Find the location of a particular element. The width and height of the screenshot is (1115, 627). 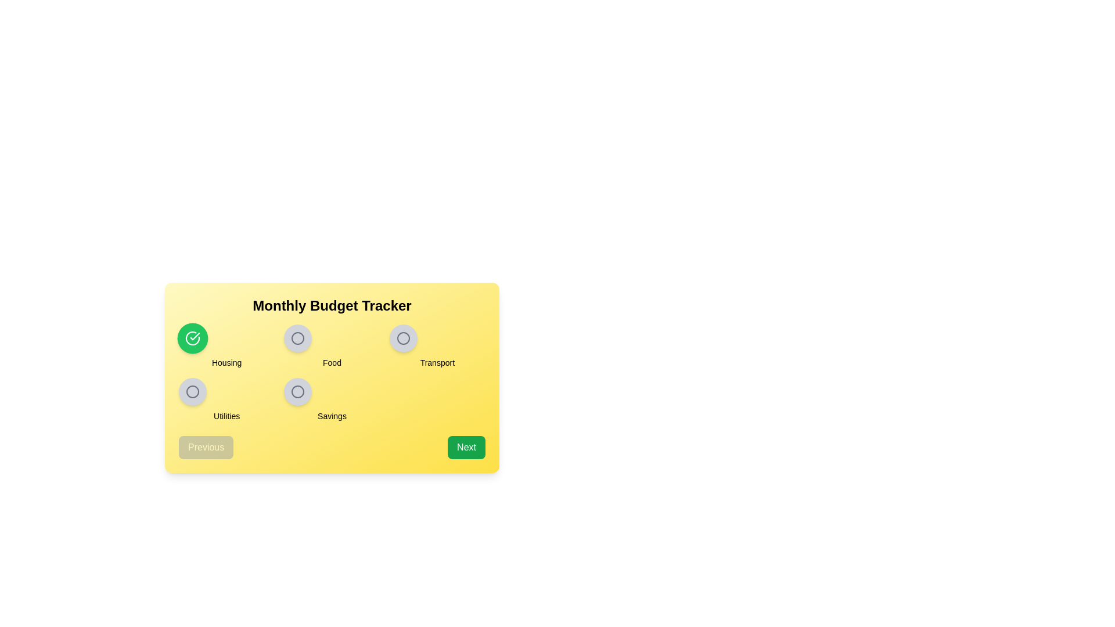

the 'Savings' radio button option located in the bottom row of the interface for visual feedback is located at coordinates (298, 392).